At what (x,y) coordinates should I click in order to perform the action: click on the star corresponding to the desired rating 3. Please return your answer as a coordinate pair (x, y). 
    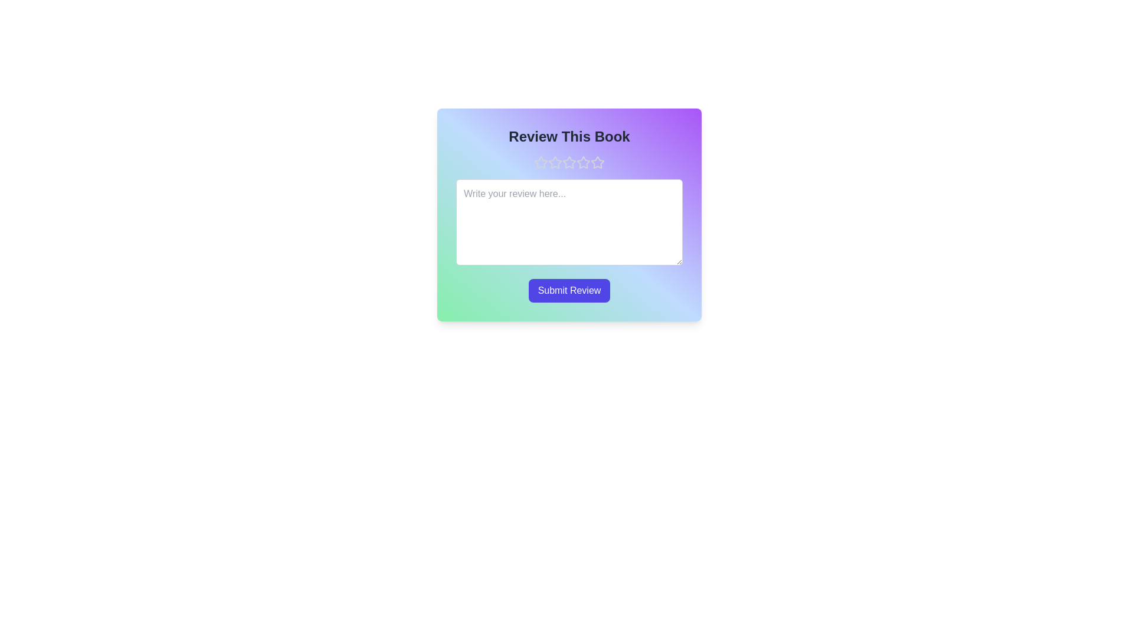
    Looking at the image, I should click on (569, 163).